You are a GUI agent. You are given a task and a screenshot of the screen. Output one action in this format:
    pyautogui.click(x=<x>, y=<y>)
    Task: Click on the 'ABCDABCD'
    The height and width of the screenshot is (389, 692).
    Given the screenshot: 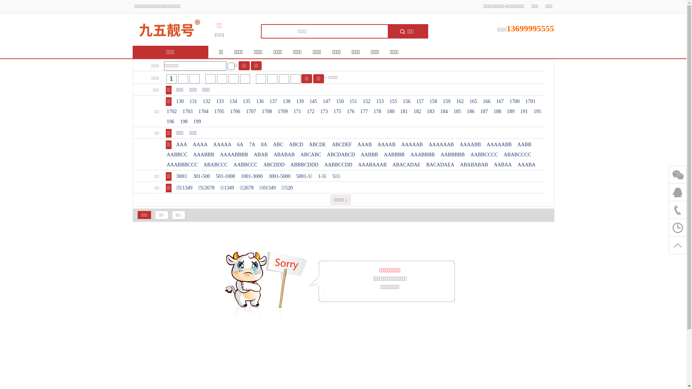 What is the action you would take?
    pyautogui.click(x=340, y=154)
    